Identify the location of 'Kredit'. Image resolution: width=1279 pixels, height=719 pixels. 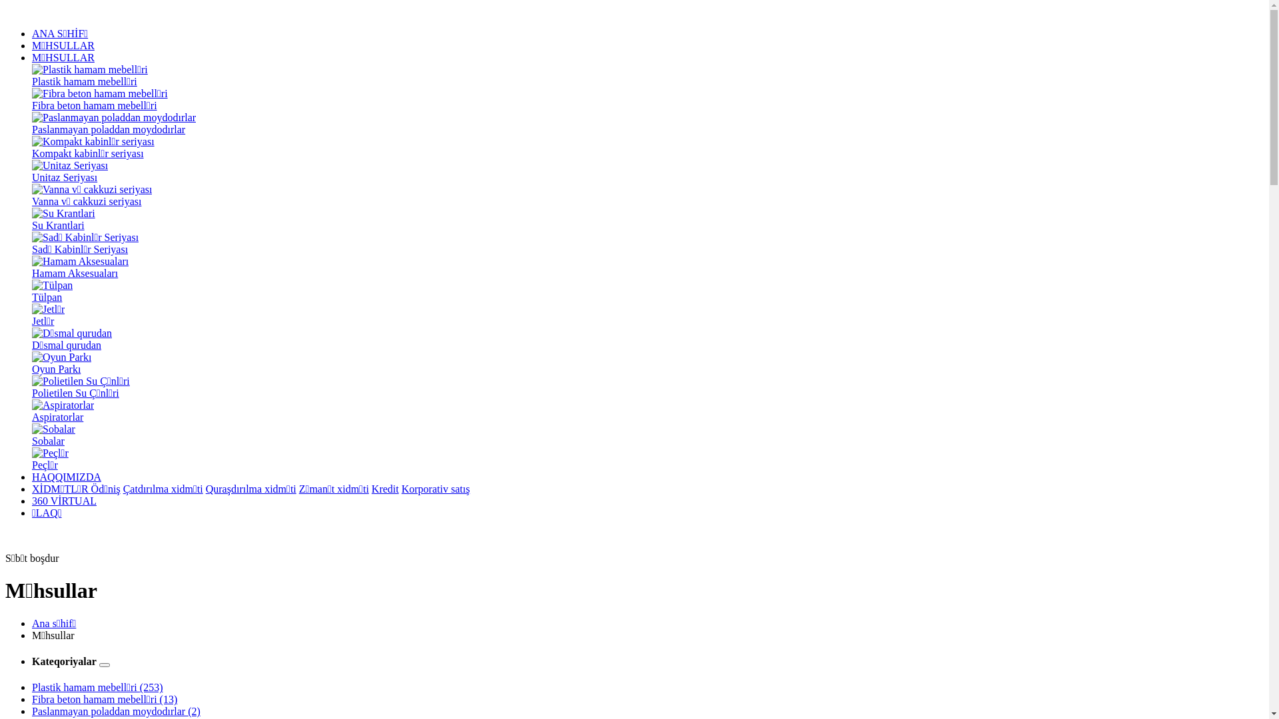
(384, 489).